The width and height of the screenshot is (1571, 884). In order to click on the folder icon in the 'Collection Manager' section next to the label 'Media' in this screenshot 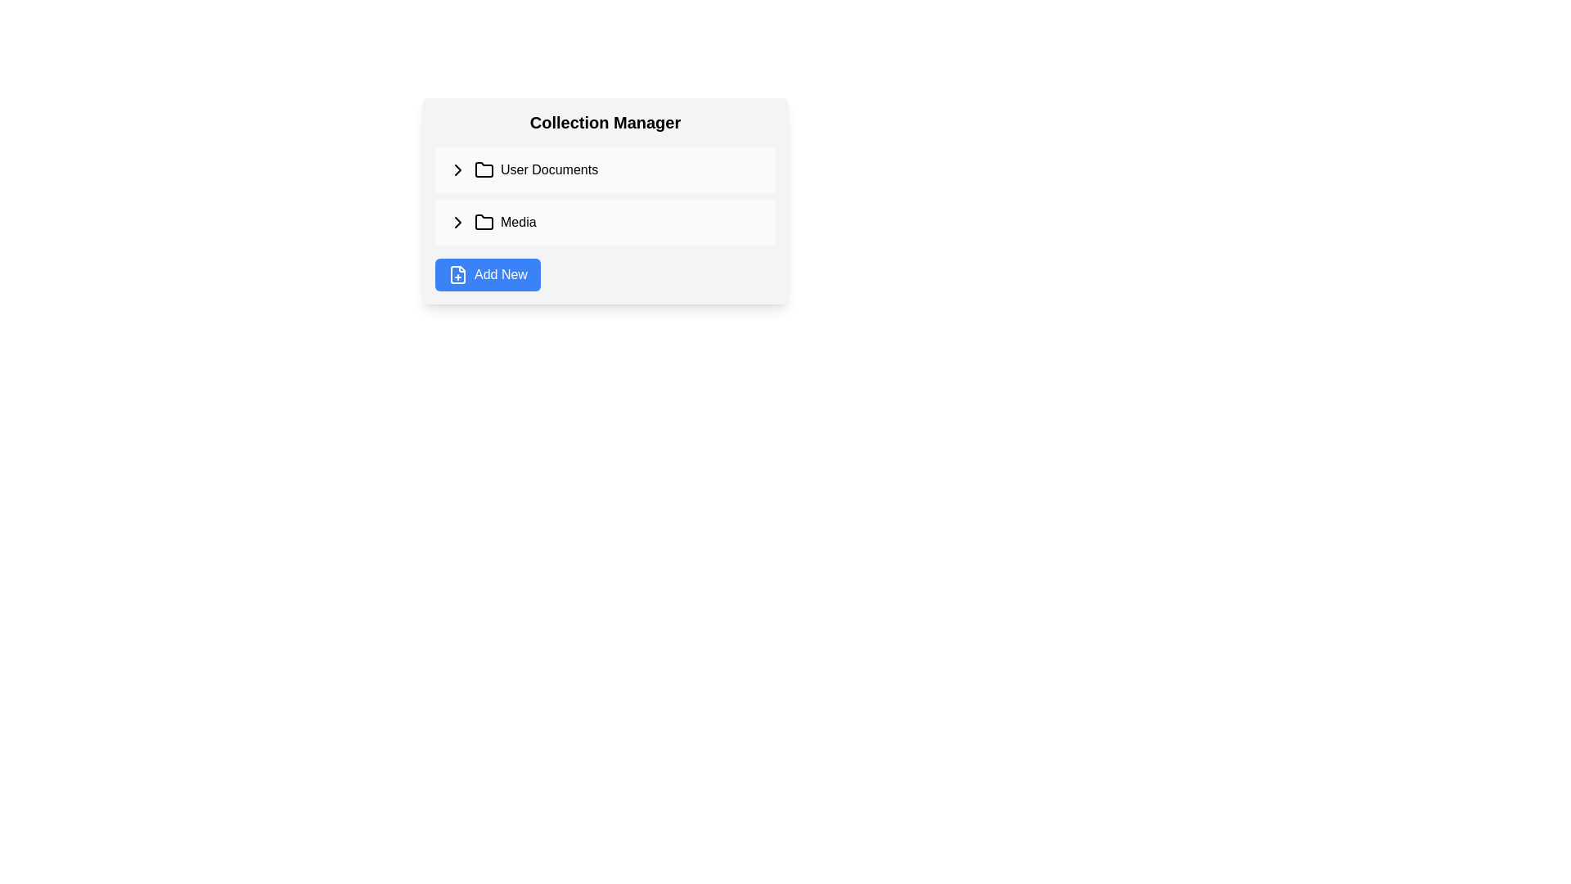, I will do `click(483, 223)`.